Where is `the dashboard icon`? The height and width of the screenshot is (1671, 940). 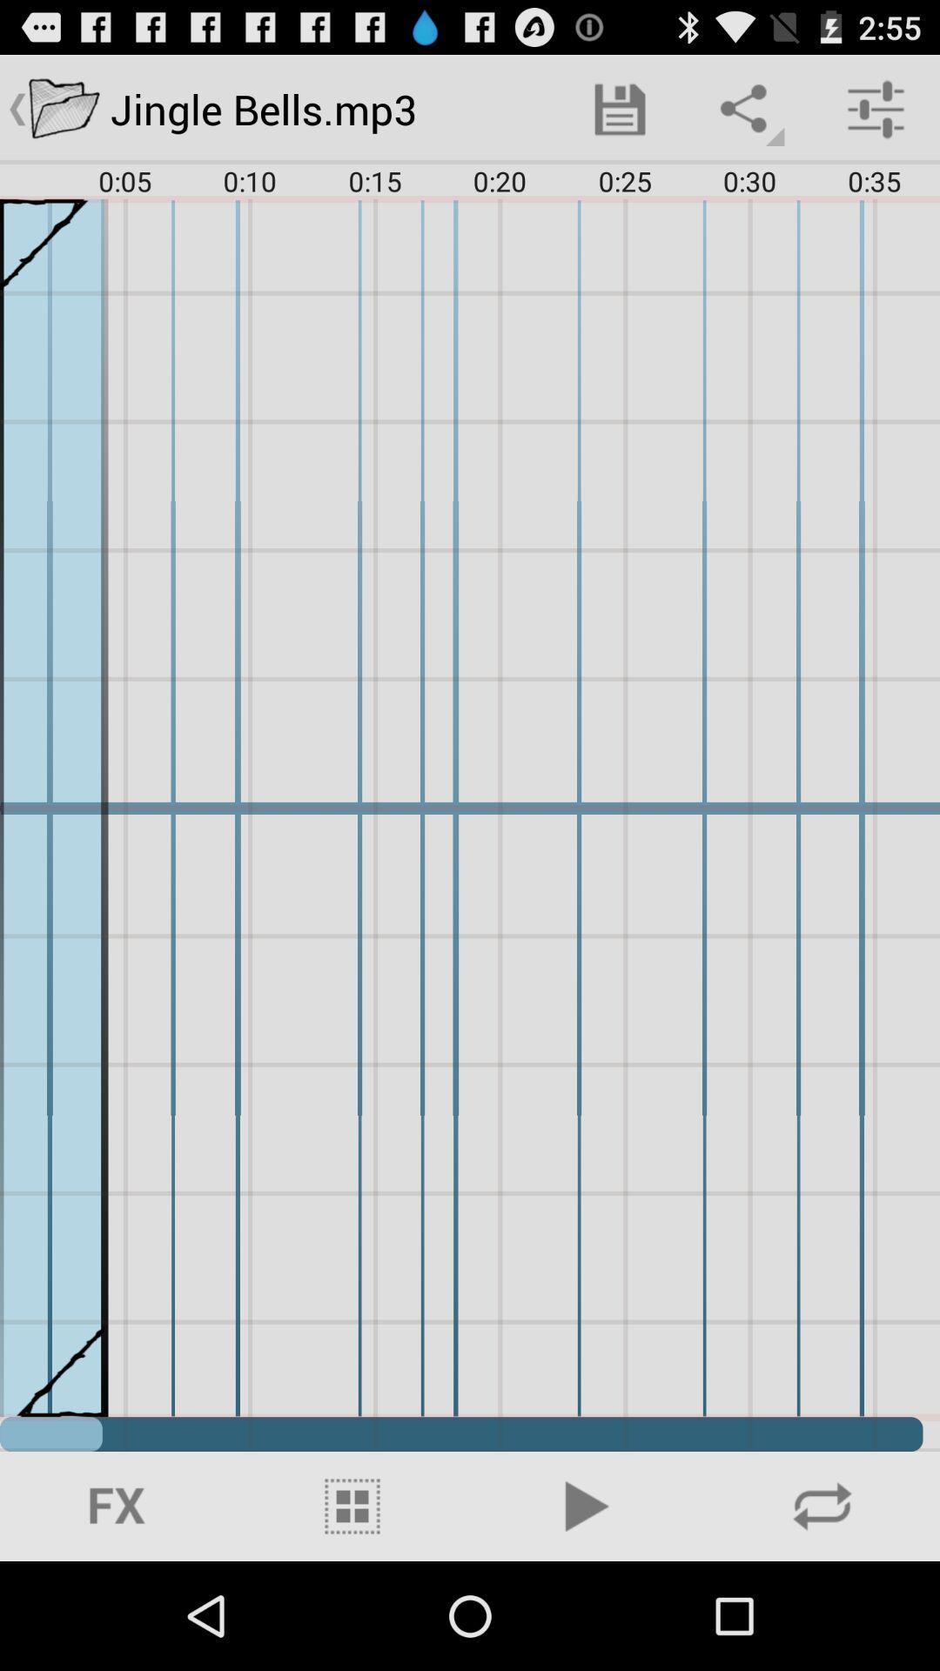
the dashboard icon is located at coordinates (352, 1611).